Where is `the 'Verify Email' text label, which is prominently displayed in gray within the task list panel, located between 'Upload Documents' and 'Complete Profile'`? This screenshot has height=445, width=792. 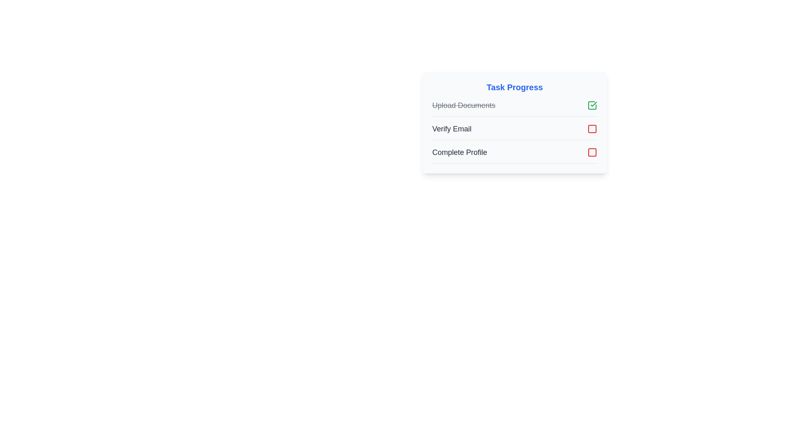
the 'Verify Email' text label, which is prominently displayed in gray within the task list panel, located between 'Upload Documents' and 'Complete Profile' is located at coordinates (451, 129).